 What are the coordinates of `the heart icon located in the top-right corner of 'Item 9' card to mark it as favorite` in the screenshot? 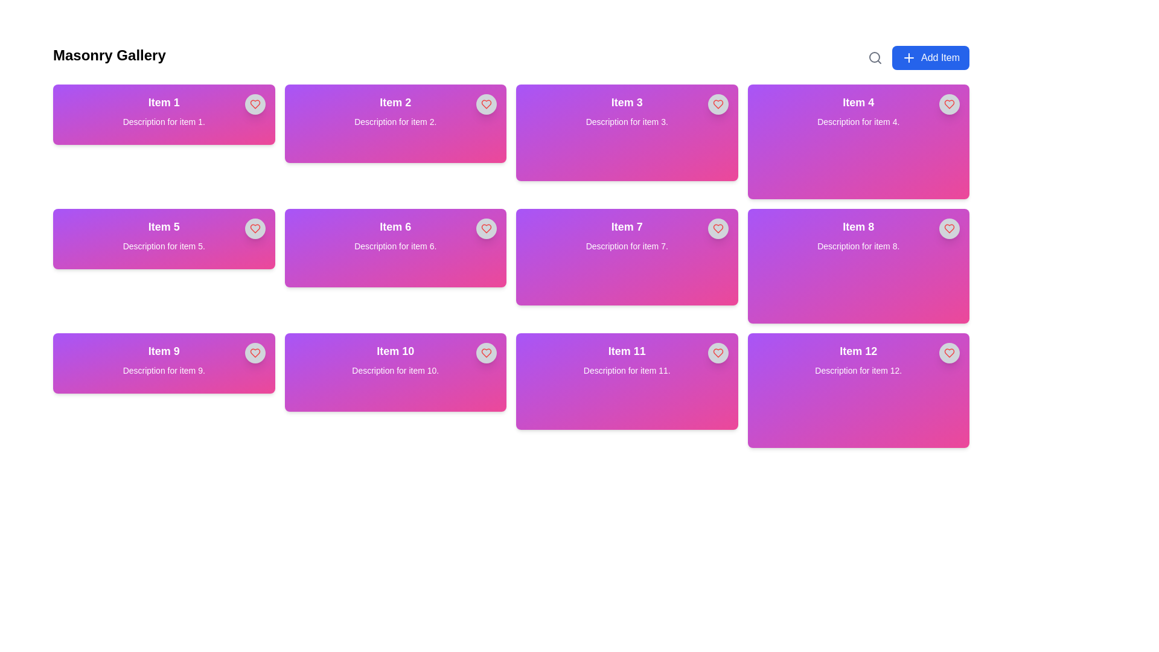 It's located at (254, 228).